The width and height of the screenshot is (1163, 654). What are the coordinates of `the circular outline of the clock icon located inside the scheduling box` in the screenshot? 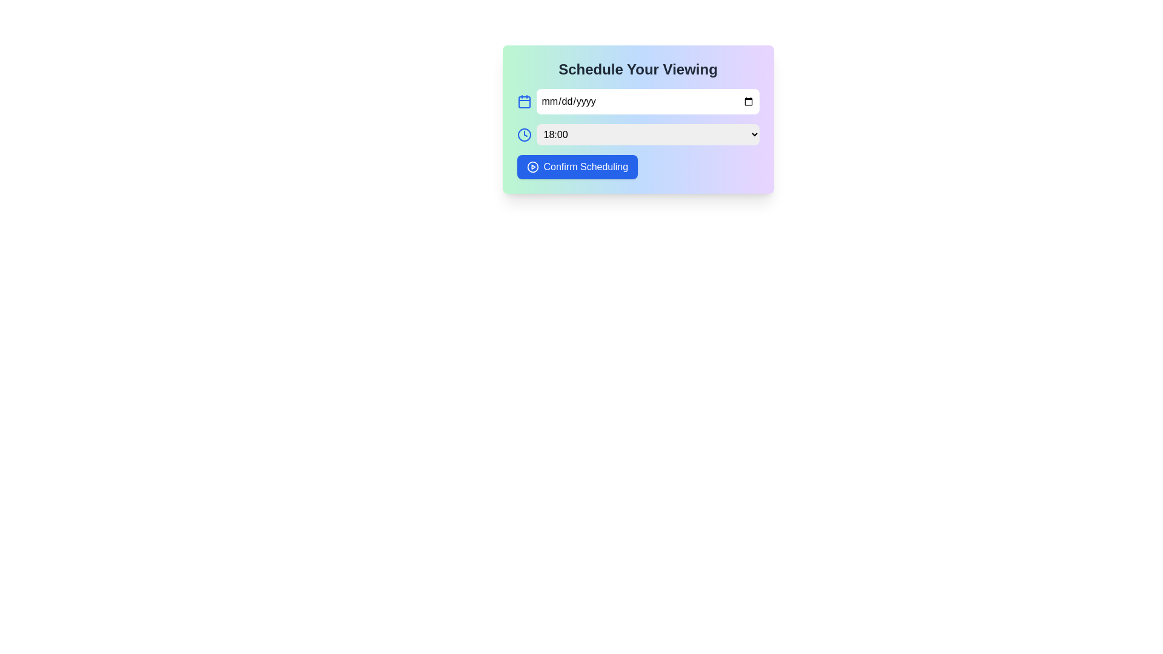 It's located at (524, 134).